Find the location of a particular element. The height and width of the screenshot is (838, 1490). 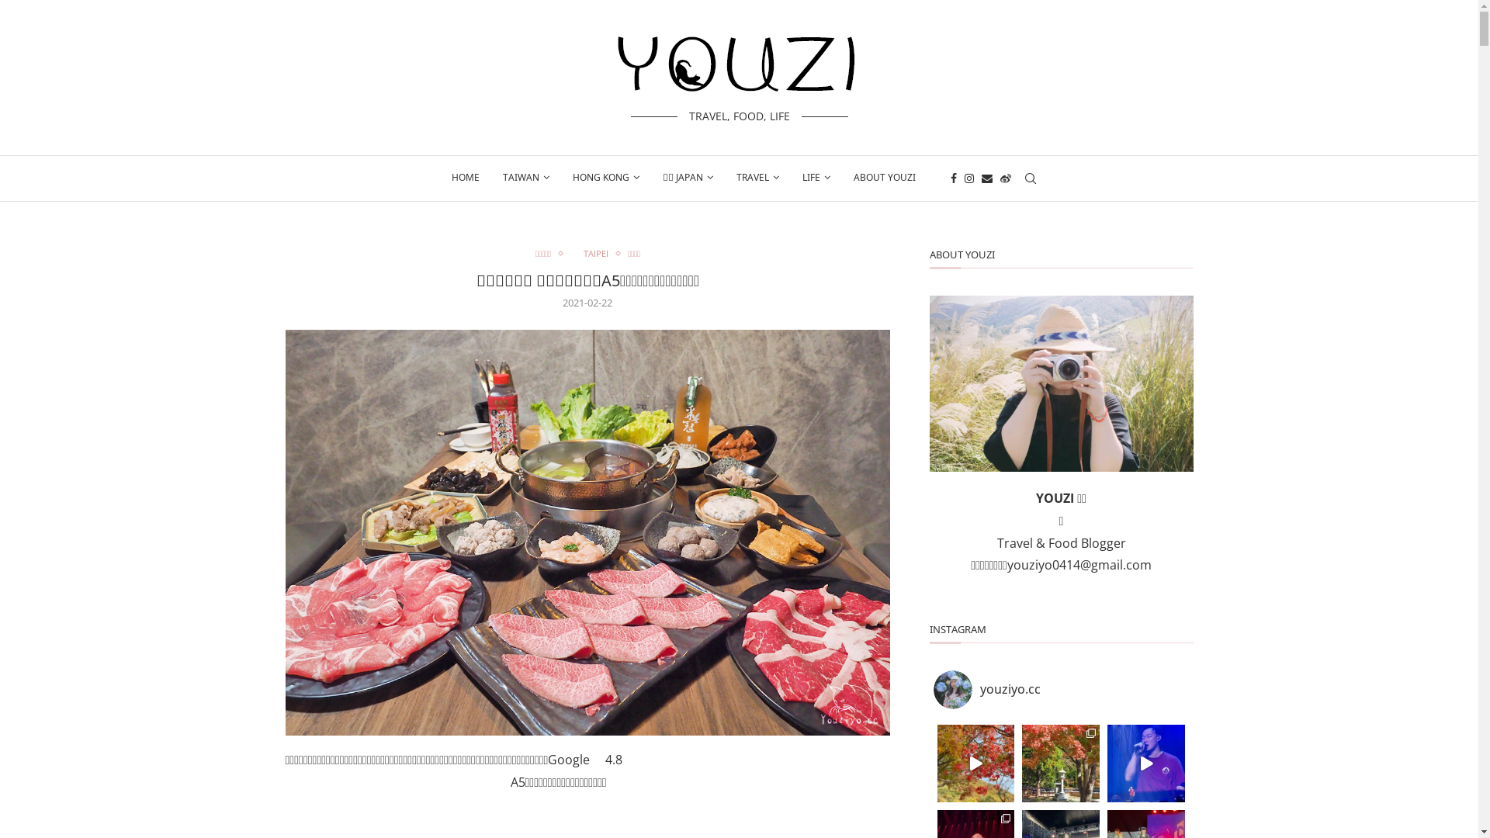

'TAIWAN' is located at coordinates (490, 178).